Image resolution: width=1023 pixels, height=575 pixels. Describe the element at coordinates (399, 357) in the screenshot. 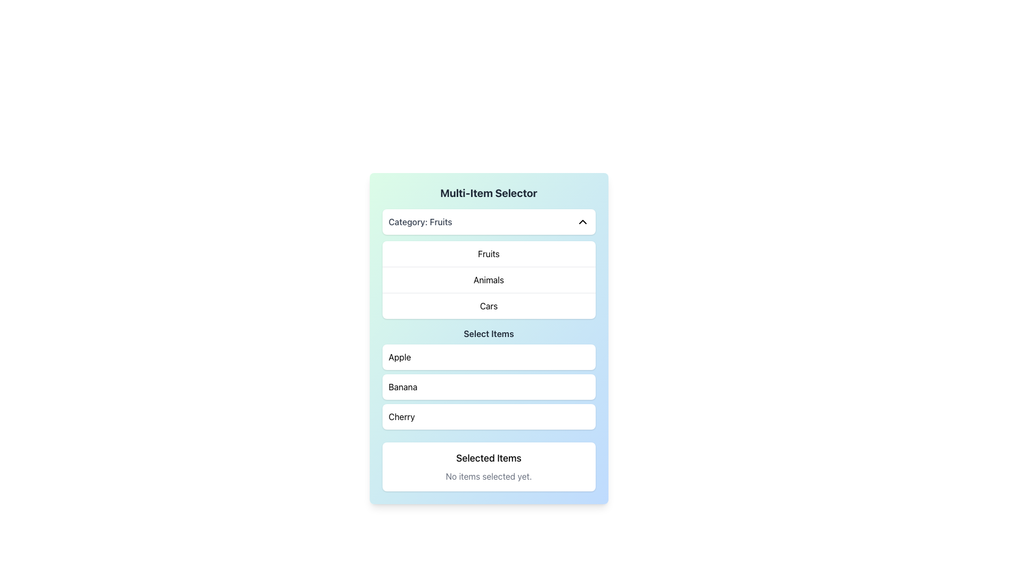

I see `the textual label reading 'Apple' which is styled in black text on a white background, located in the 'Select Items' section of the layout, positioned at the top of three similar components` at that location.